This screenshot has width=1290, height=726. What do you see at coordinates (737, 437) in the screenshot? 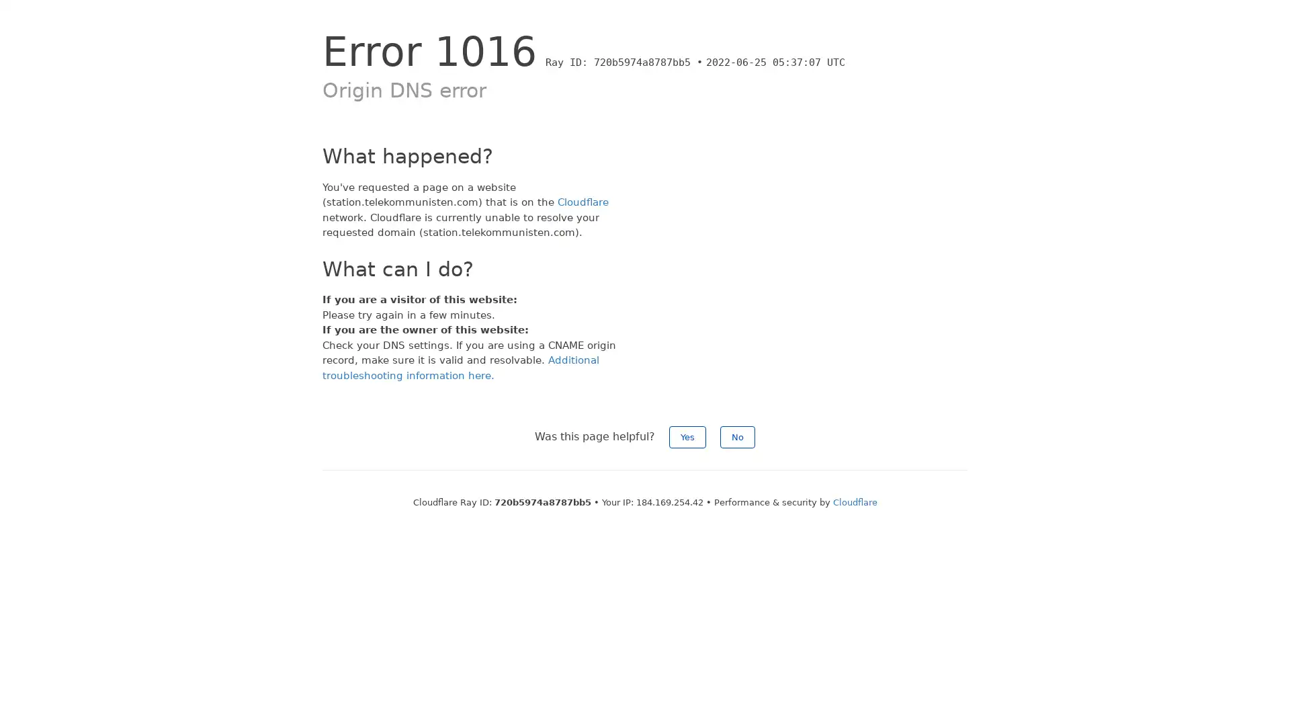
I see `No` at bounding box center [737, 437].